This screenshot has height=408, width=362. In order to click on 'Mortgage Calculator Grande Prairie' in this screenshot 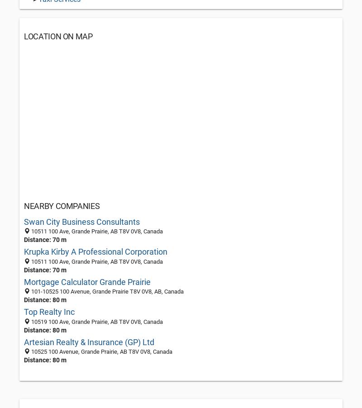, I will do `click(24, 281)`.